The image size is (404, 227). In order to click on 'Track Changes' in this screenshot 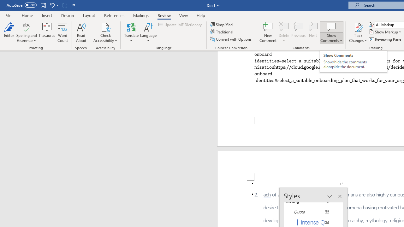, I will do `click(358, 32)`.